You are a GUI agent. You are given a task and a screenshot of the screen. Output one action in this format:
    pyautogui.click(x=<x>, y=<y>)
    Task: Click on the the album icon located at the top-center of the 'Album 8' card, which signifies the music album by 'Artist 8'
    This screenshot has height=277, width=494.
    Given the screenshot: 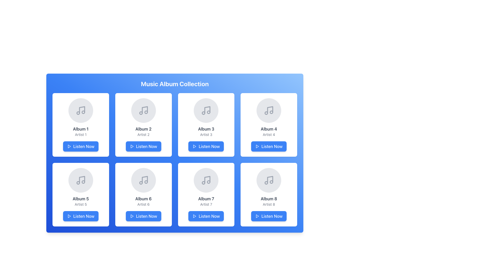 What is the action you would take?
    pyautogui.click(x=269, y=180)
    